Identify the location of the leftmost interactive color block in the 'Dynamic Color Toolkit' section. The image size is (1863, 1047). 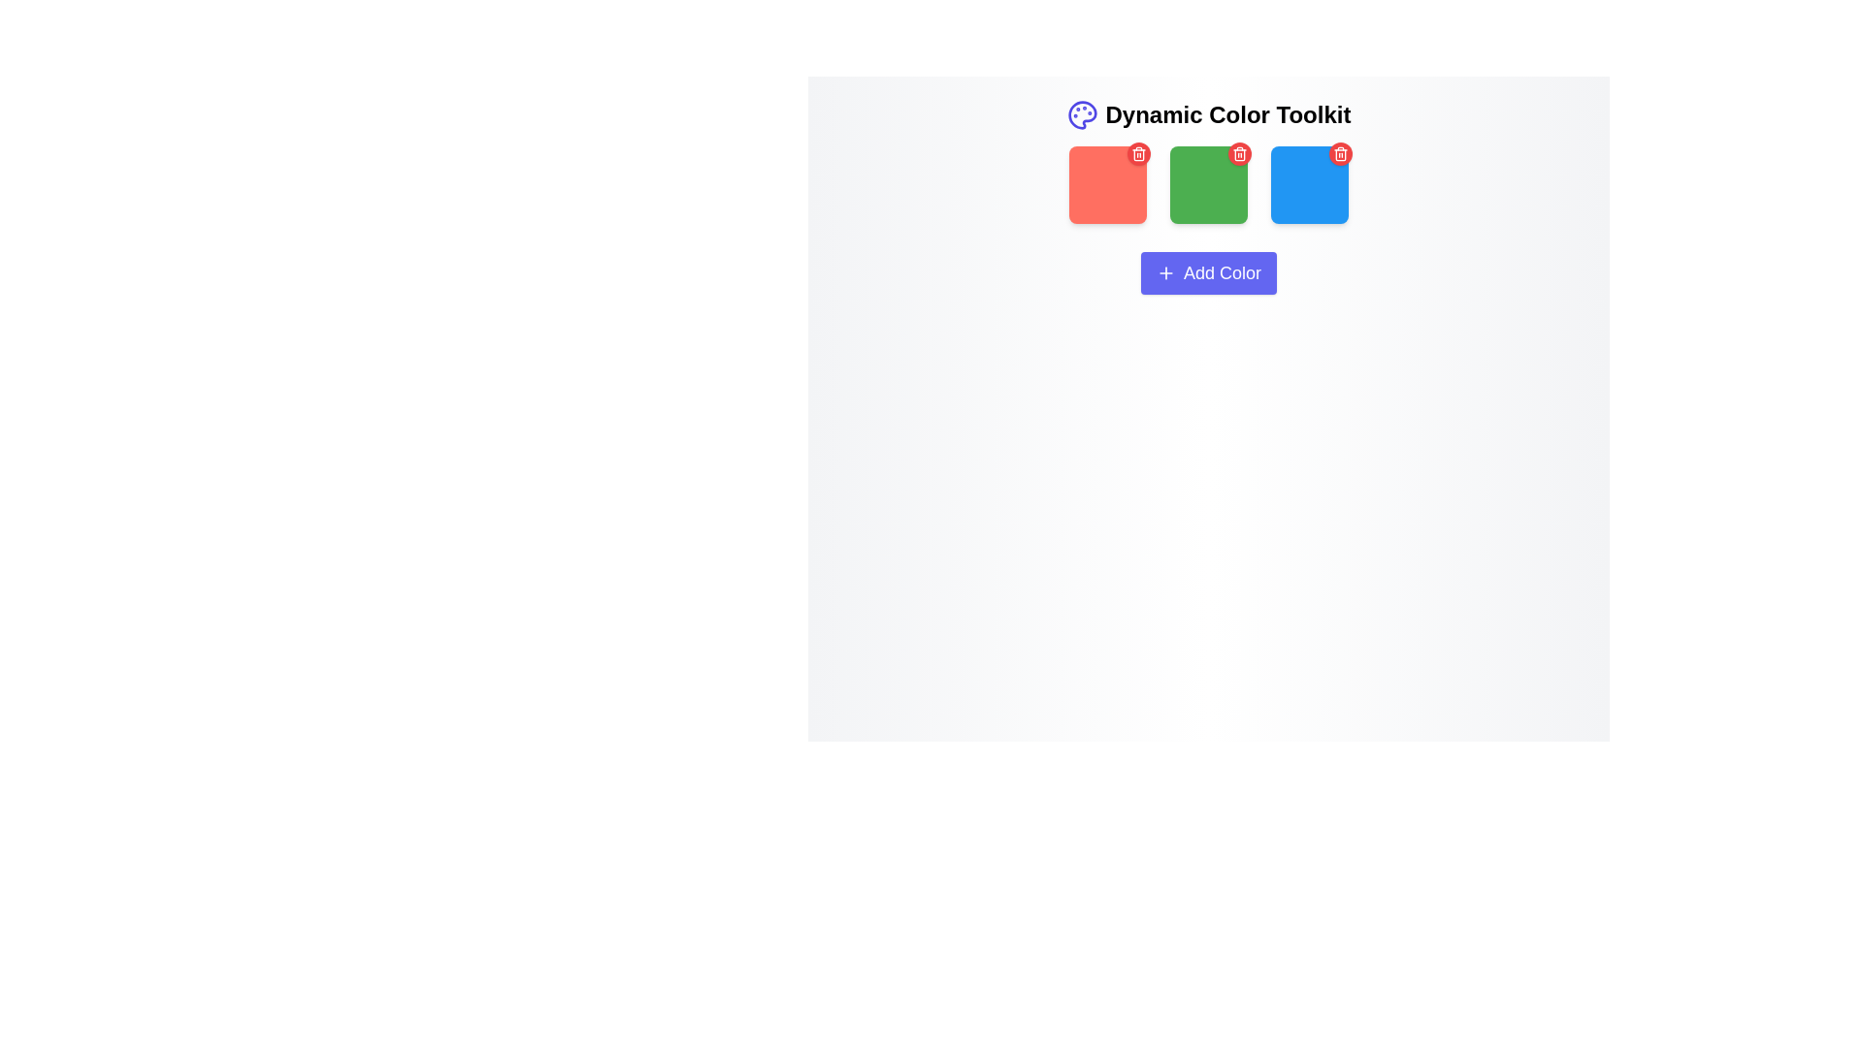
(1108, 185).